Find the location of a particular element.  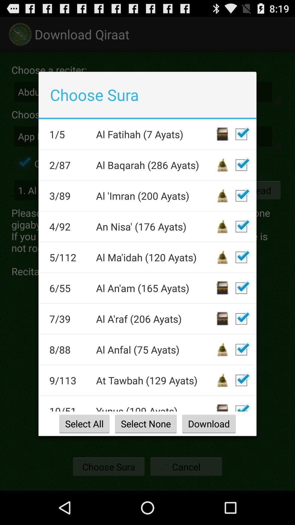

icon next to the select all is located at coordinates (145, 423).